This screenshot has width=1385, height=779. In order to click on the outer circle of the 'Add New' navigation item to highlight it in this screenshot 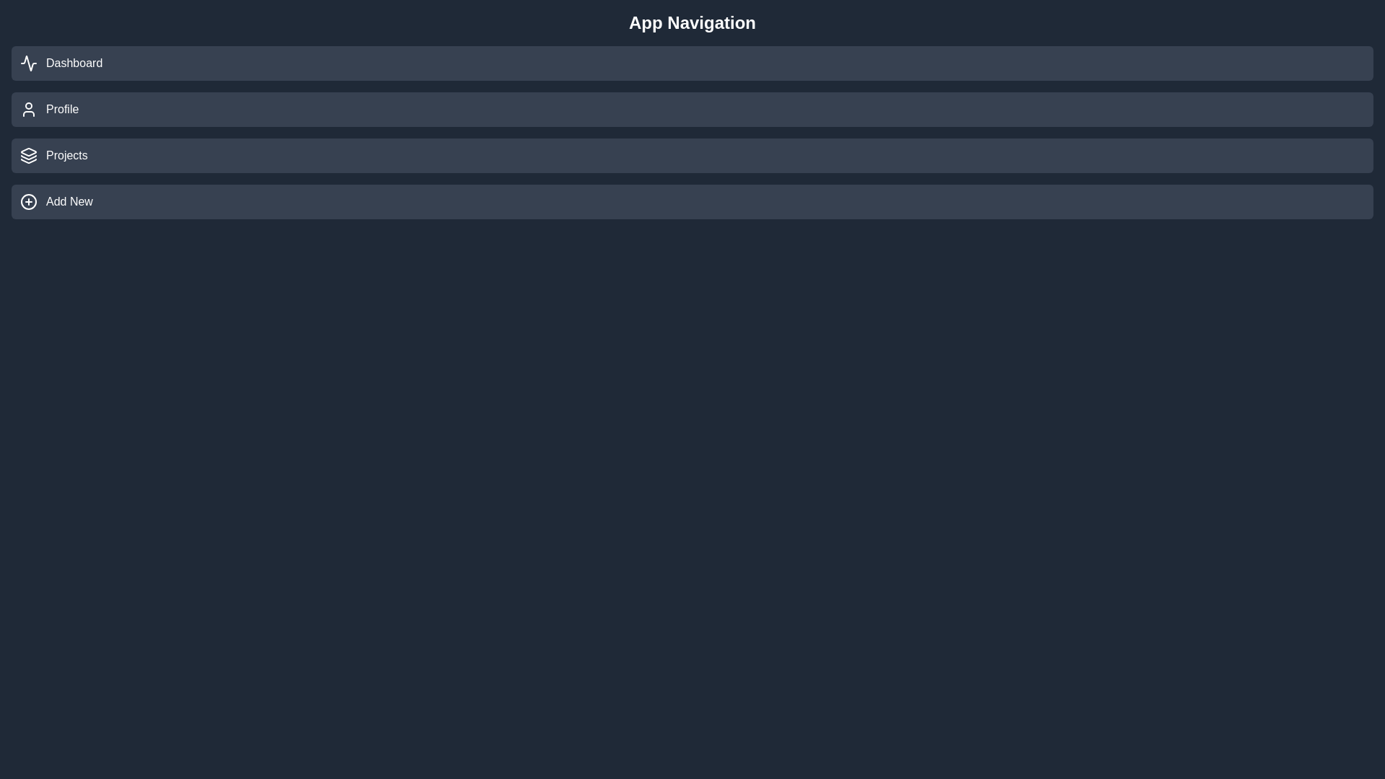, I will do `click(28, 202)`.